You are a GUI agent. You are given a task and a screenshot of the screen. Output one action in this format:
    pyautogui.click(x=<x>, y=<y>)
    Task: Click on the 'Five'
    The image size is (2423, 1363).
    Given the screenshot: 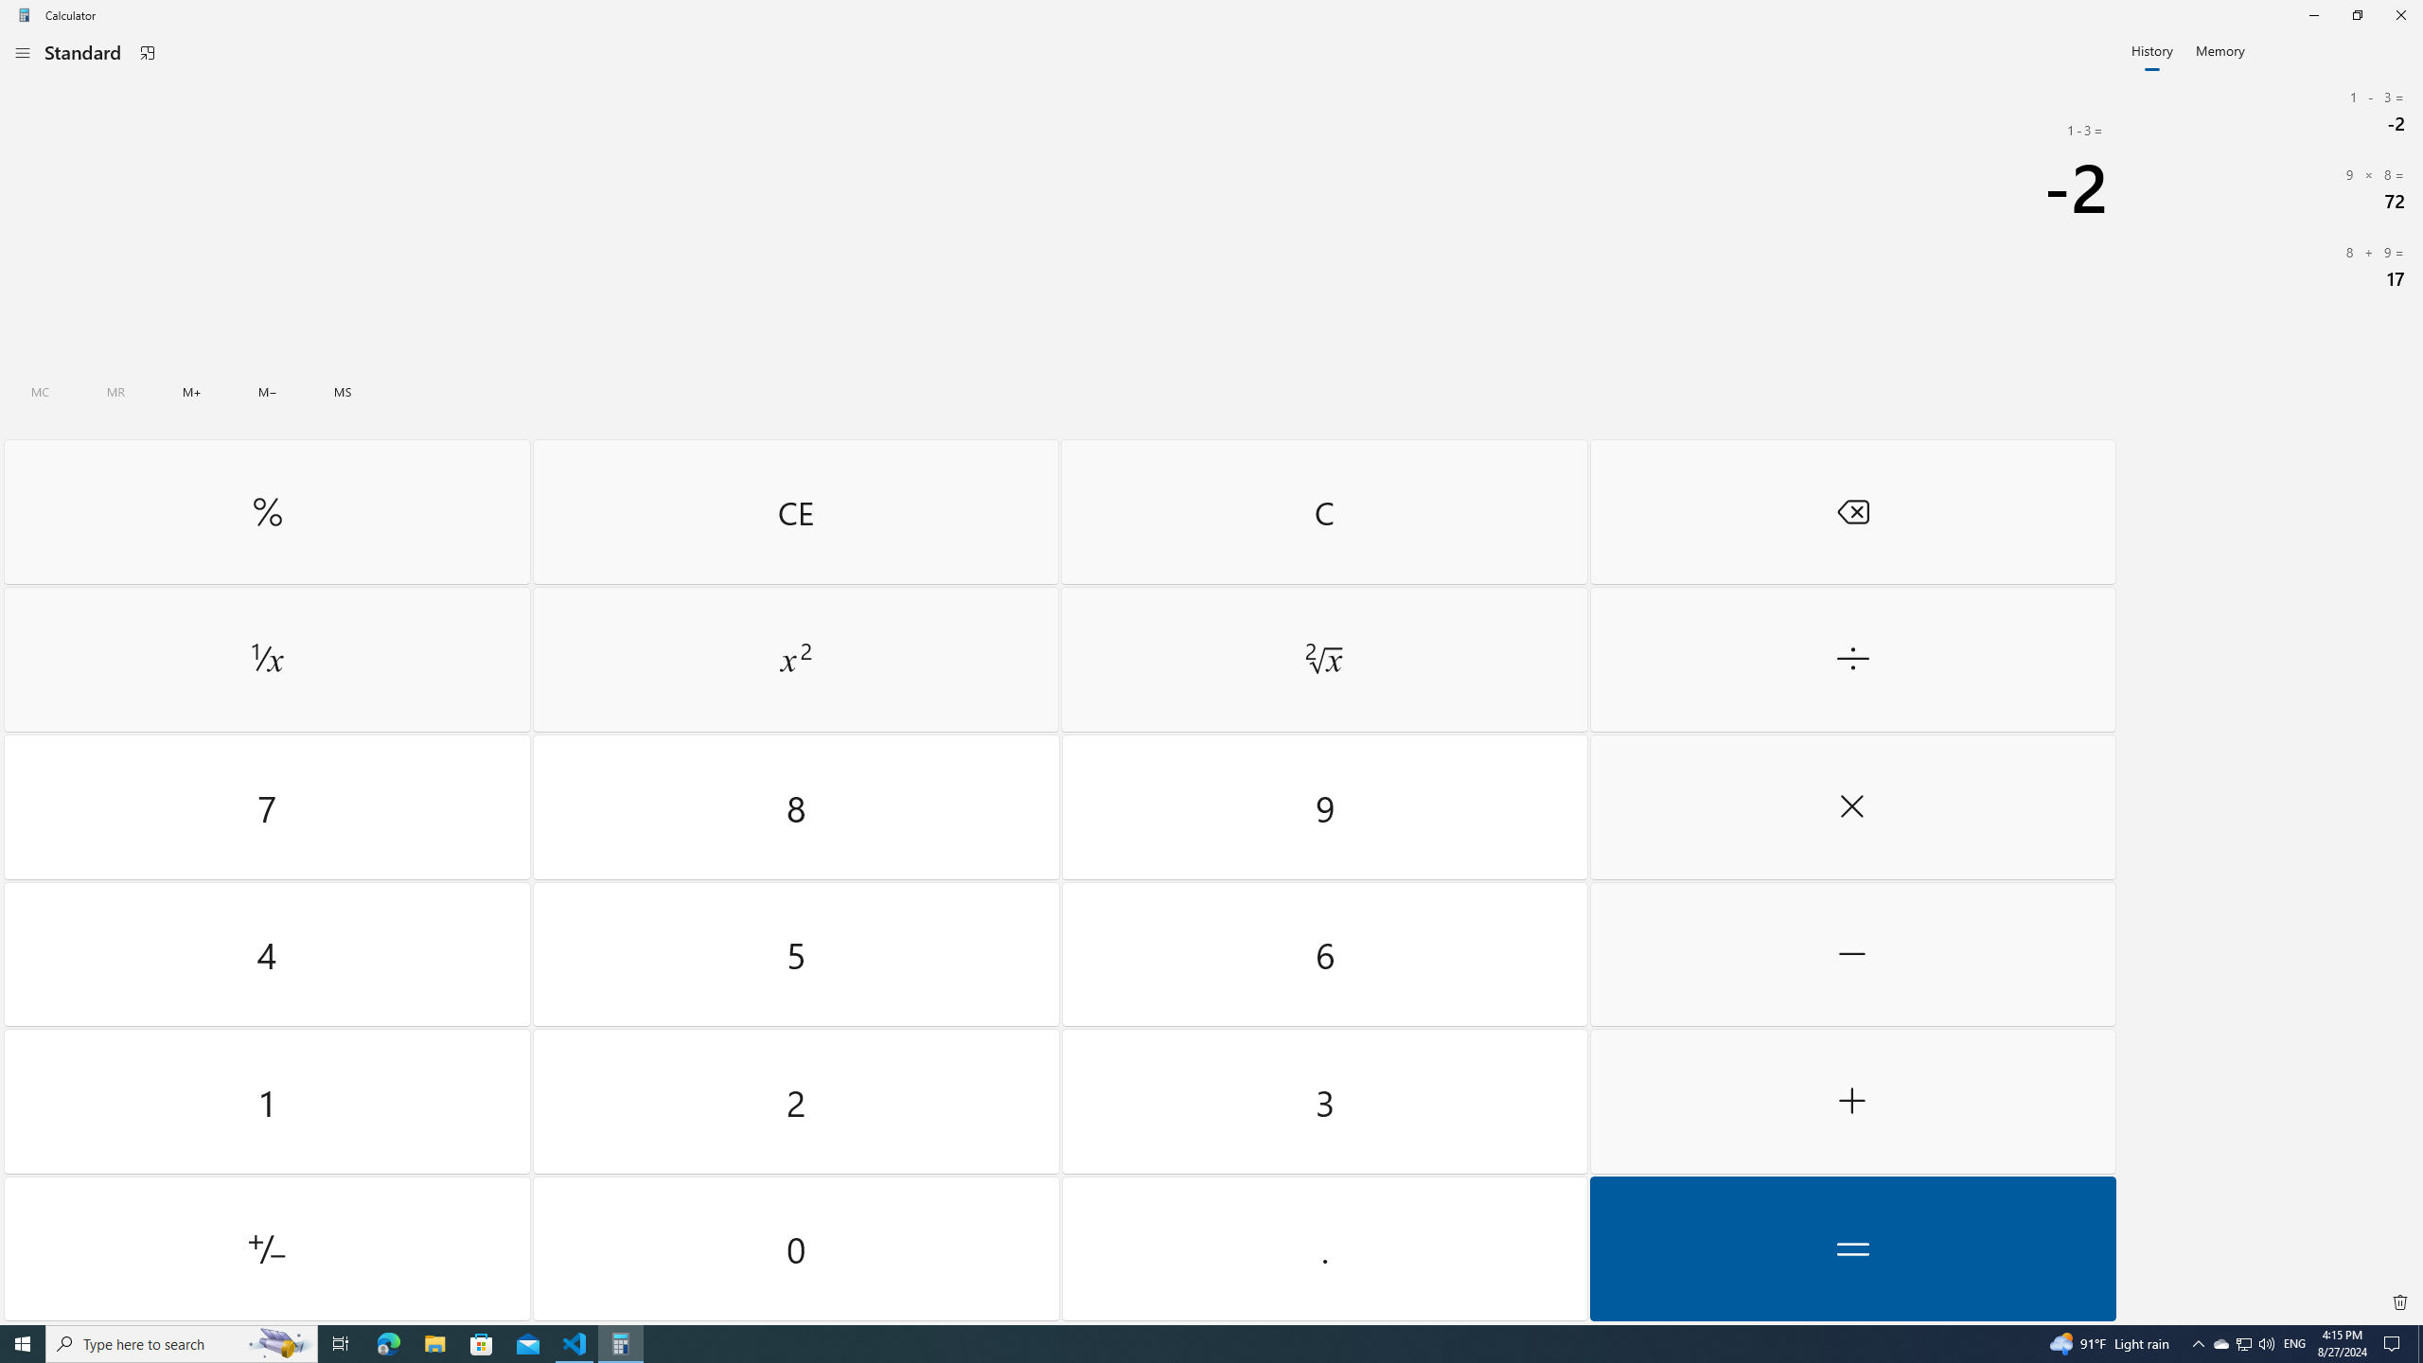 What is the action you would take?
    pyautogui.click(x=796, y=953)
    